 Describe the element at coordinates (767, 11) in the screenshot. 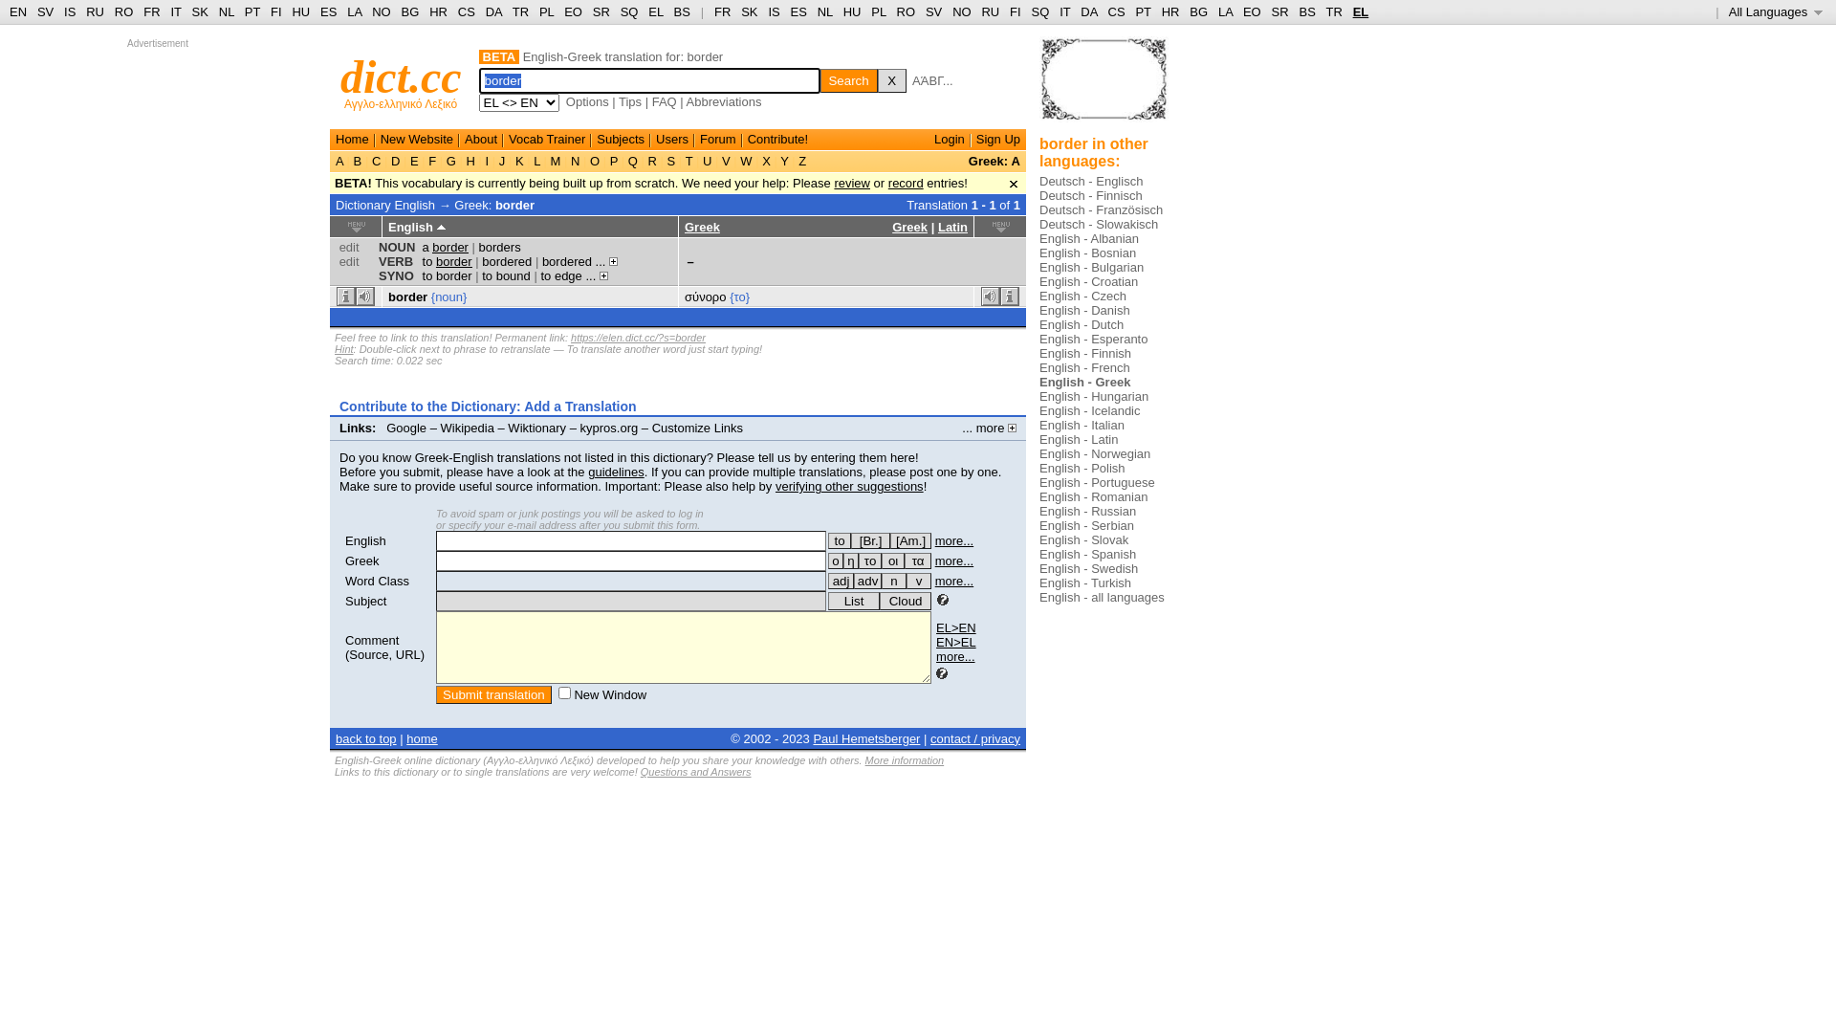

I see `'IS'` at that location.